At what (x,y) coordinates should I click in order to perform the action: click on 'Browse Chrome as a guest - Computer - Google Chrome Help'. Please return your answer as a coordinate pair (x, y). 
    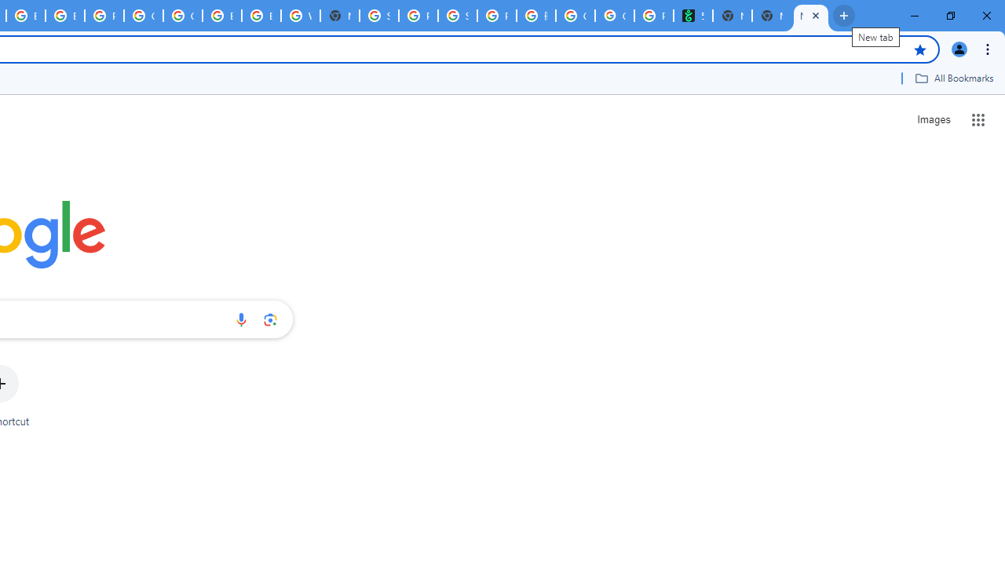
    Looking at the image, I should click on (221, 16).